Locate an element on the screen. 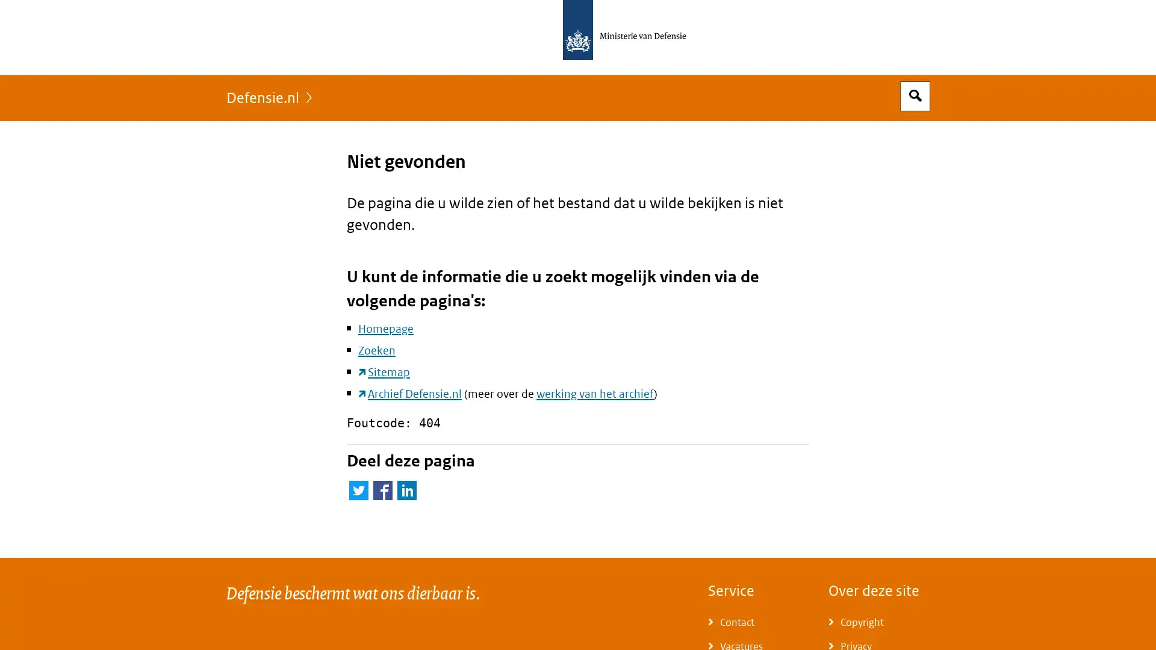 The height and width of the screenshot is (650, 1156). Open zoekveld is located at coordinates (915, 95).